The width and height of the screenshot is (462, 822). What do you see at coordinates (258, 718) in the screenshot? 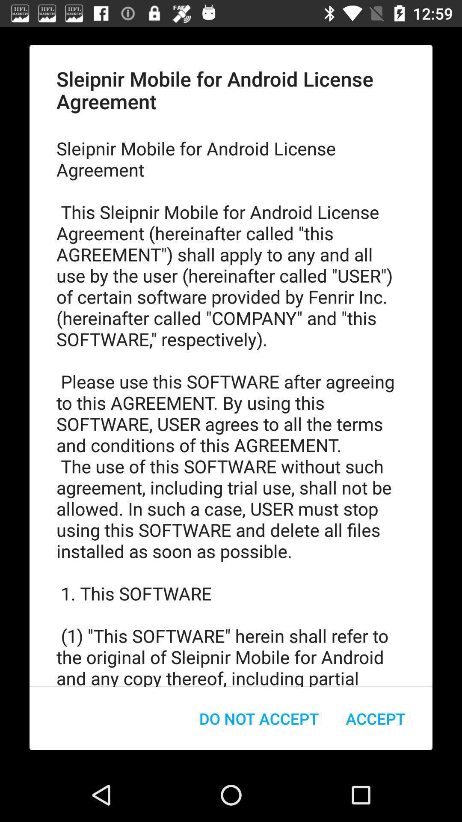
I see `icon to the left of the accept` at bounding box center [258, 718].